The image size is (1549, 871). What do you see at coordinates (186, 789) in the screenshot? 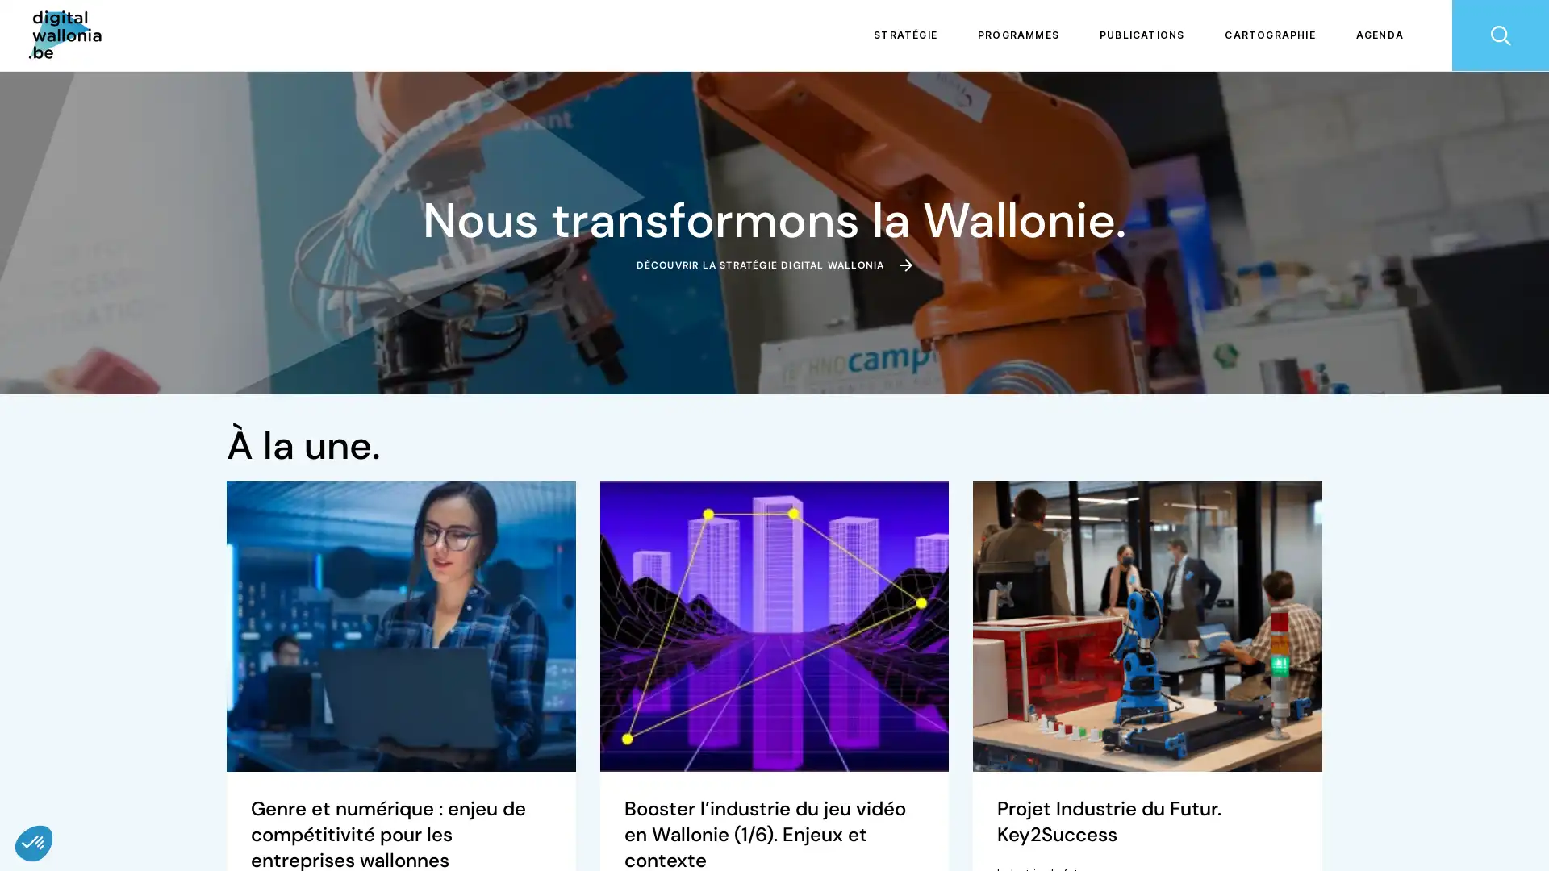
I see `Je choisis` at bounding box center [186, 789].